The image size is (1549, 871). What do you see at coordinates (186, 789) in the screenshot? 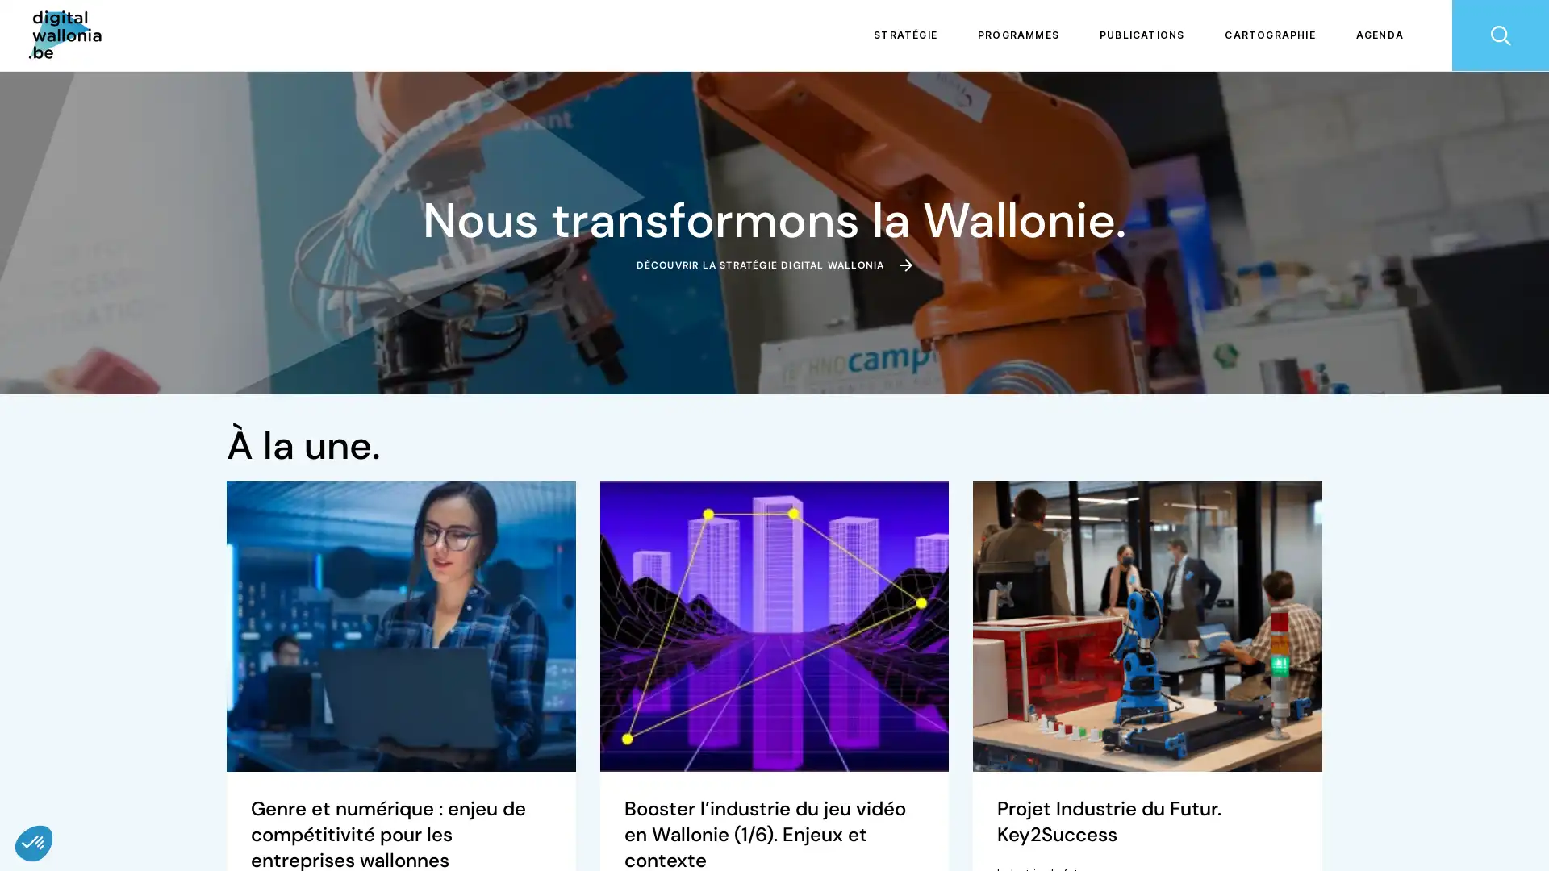
I see `Je choisis` at bounding box center [186, 789].